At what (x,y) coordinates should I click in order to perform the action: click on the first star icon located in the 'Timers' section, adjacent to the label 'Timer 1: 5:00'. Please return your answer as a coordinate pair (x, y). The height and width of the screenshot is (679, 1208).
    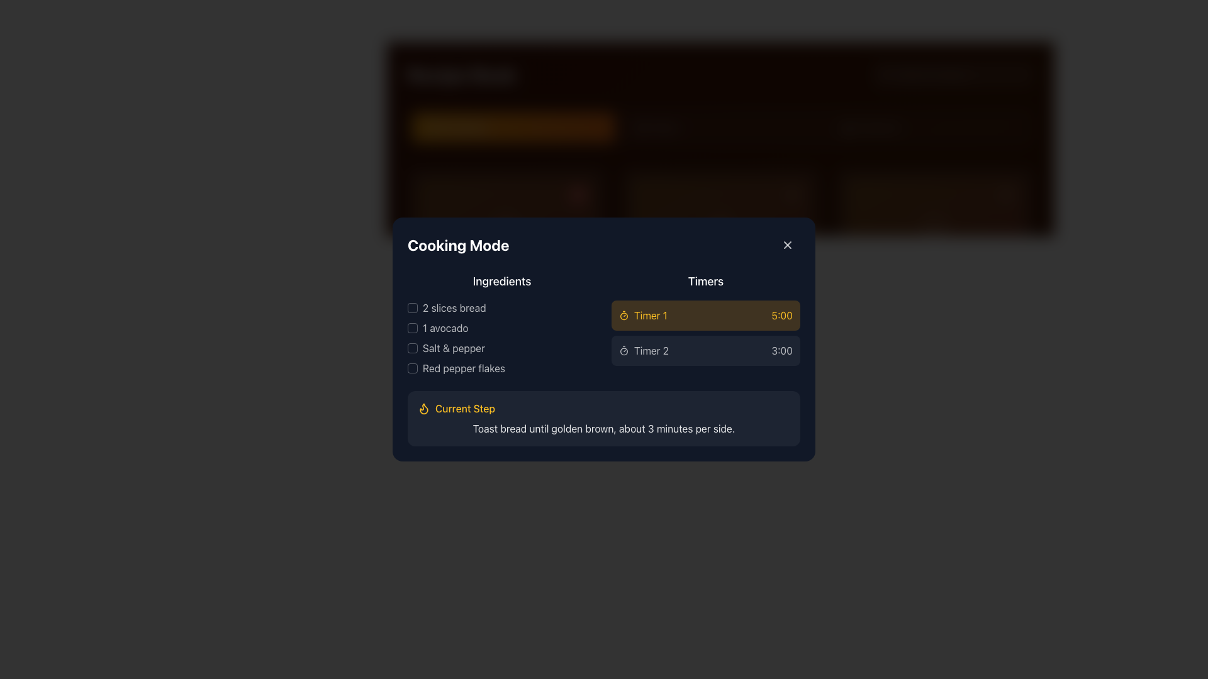
    Looking at the image, I should click on (754, 297).